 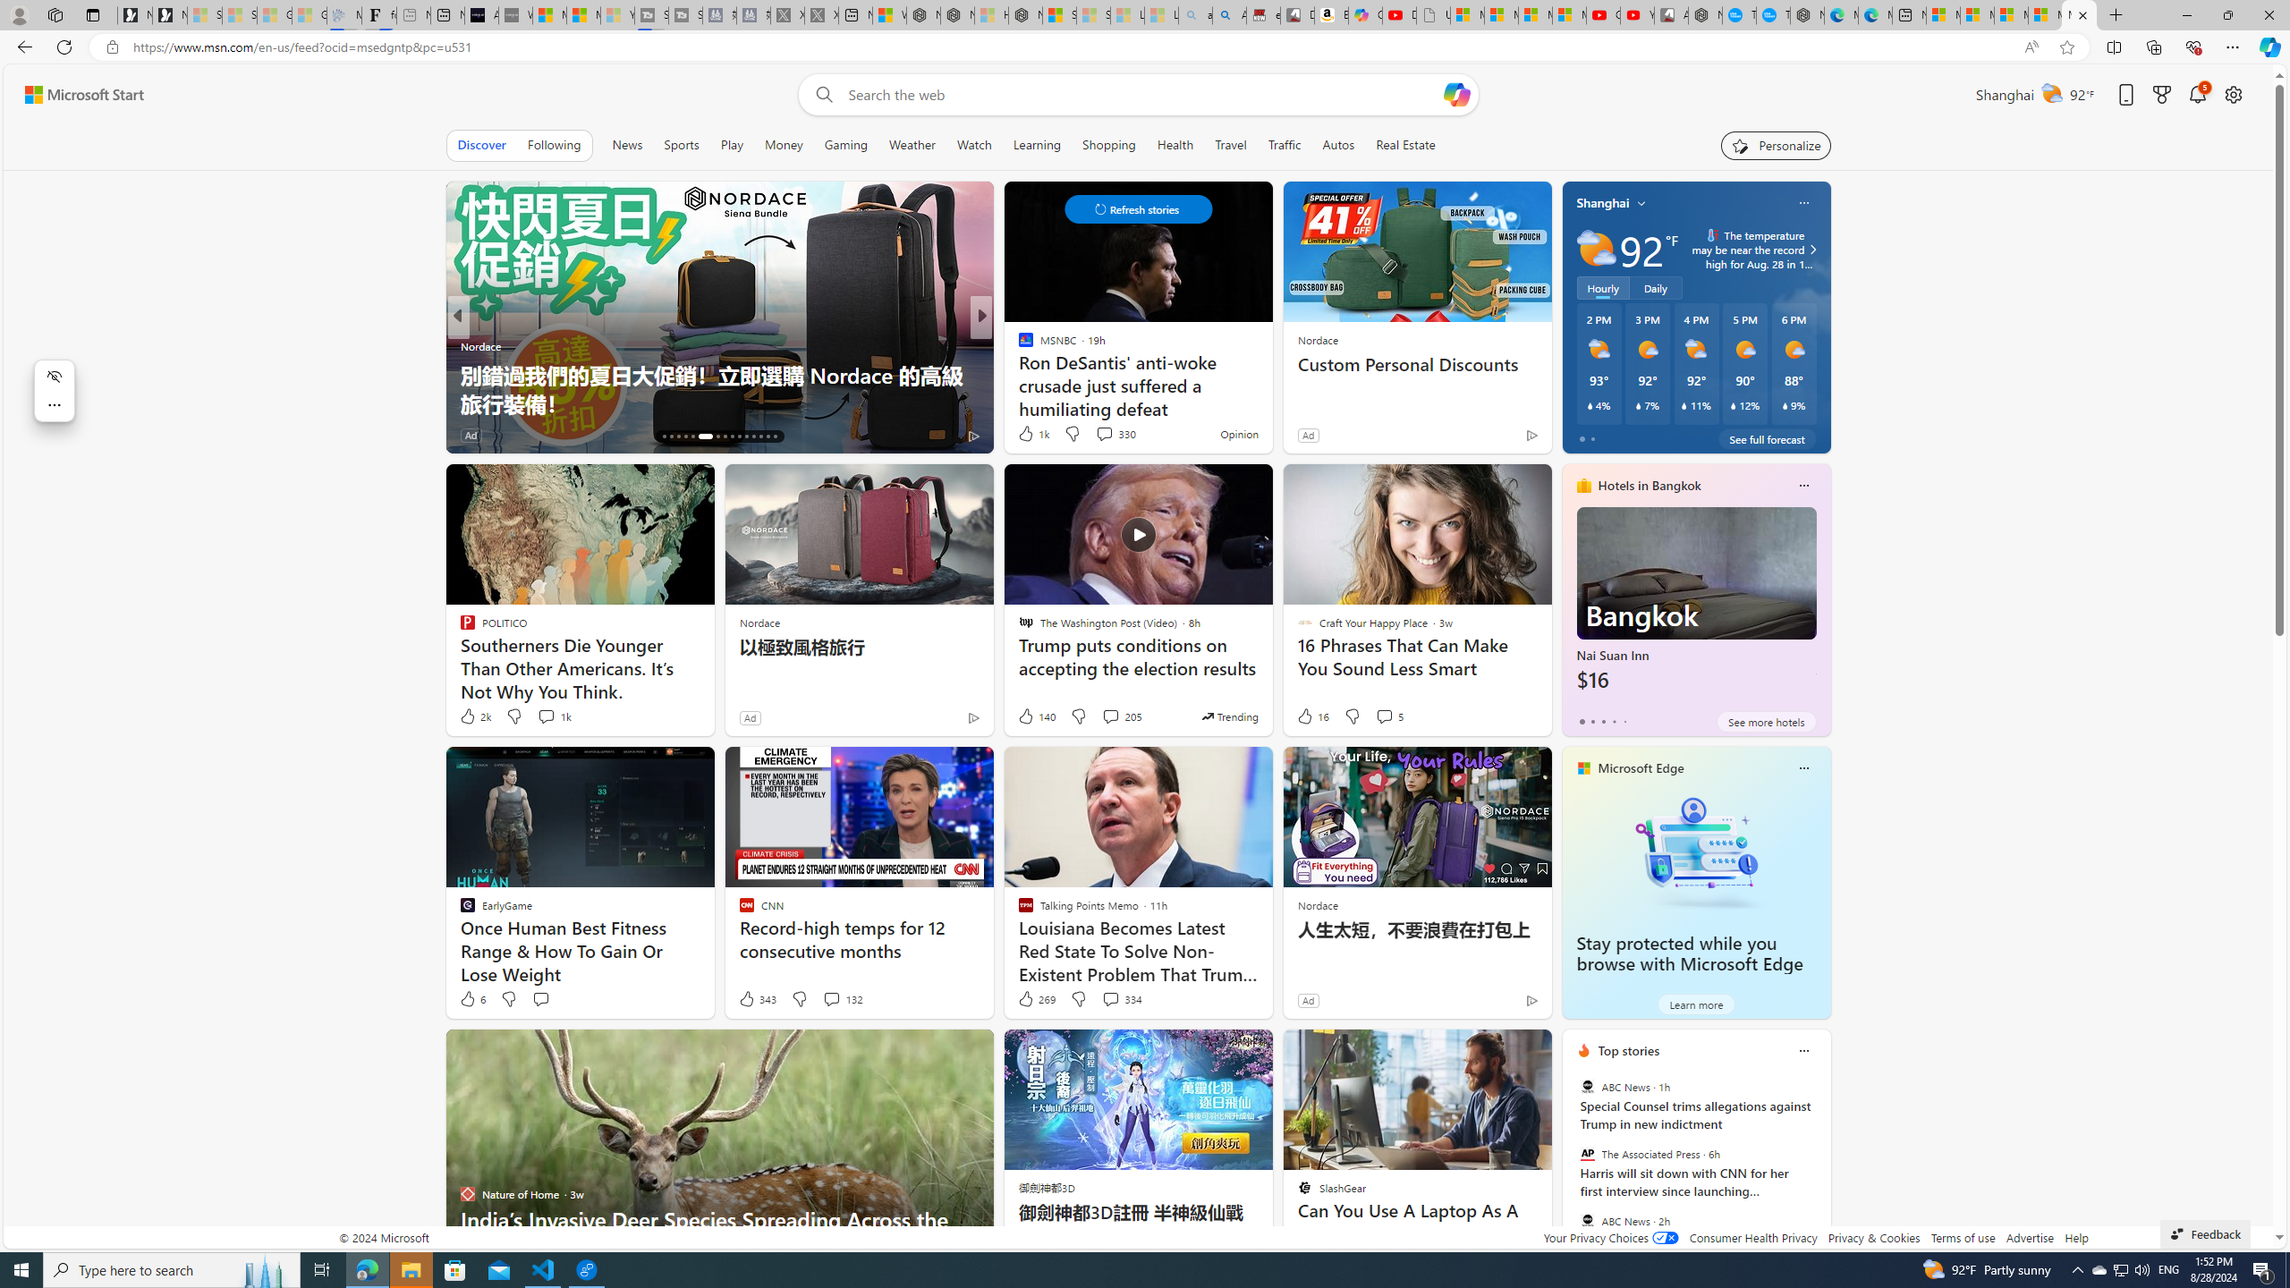 What do you see at coordinates (1115, 434) in the screenshot?
I see `'View comments 330 Comment'` at bounding box center [1115, 434].